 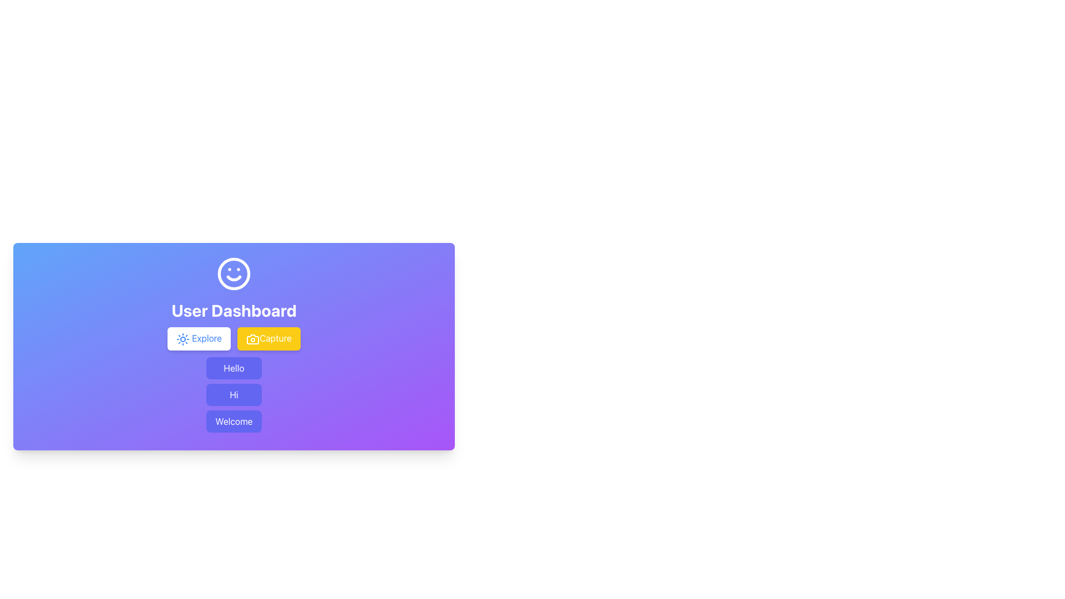 I want to click on the camera icon within the 'Capture' button, which indicates the action of taking or capturing an image, so click(x=252, y=338).